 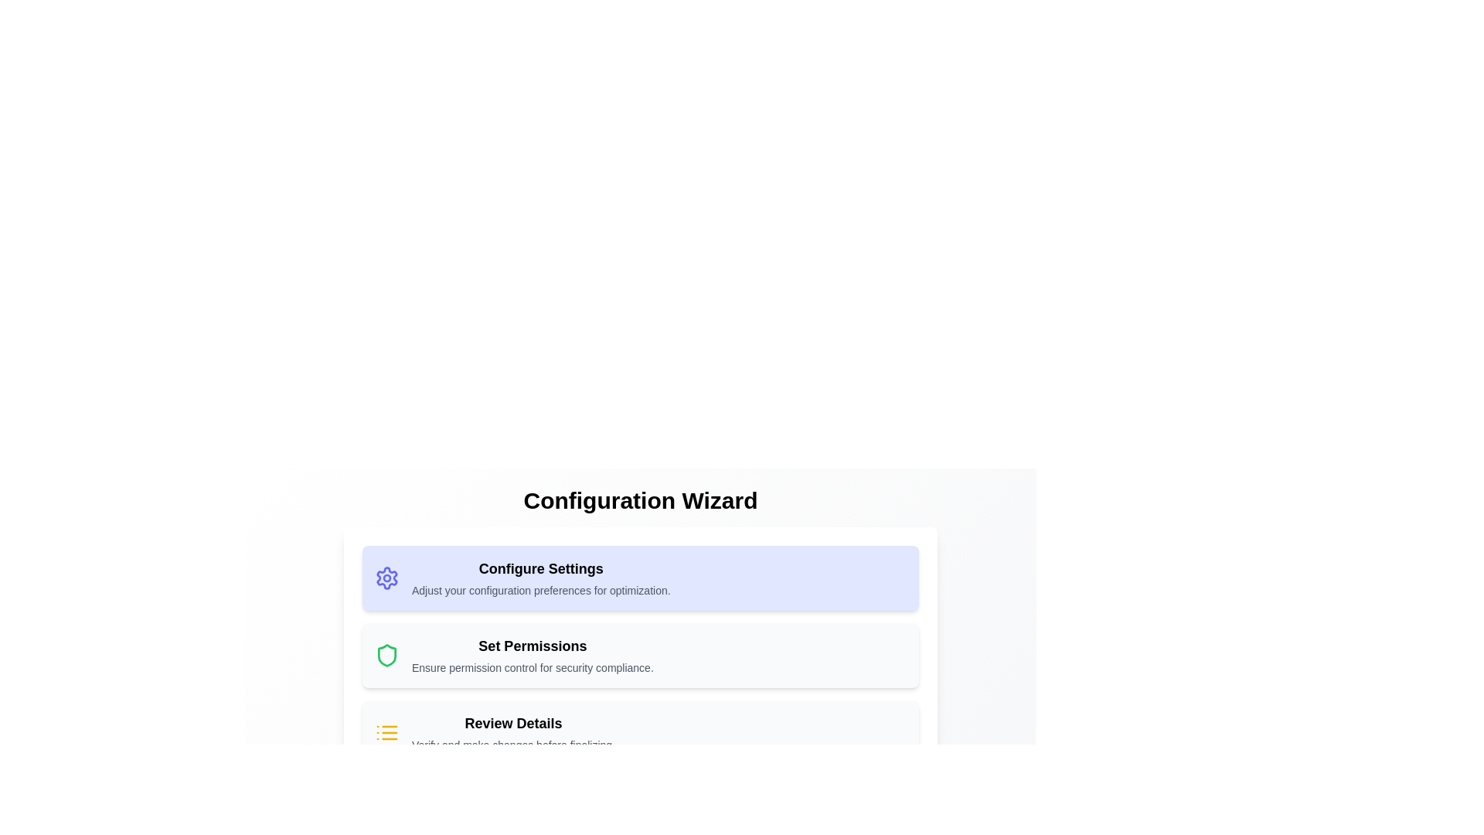 I want to click on the explanatory text element located beneath the 'Configure Settings' heading in the 'Configuration Wizard' section to provide guidance to users, so click(x=541, y=590).